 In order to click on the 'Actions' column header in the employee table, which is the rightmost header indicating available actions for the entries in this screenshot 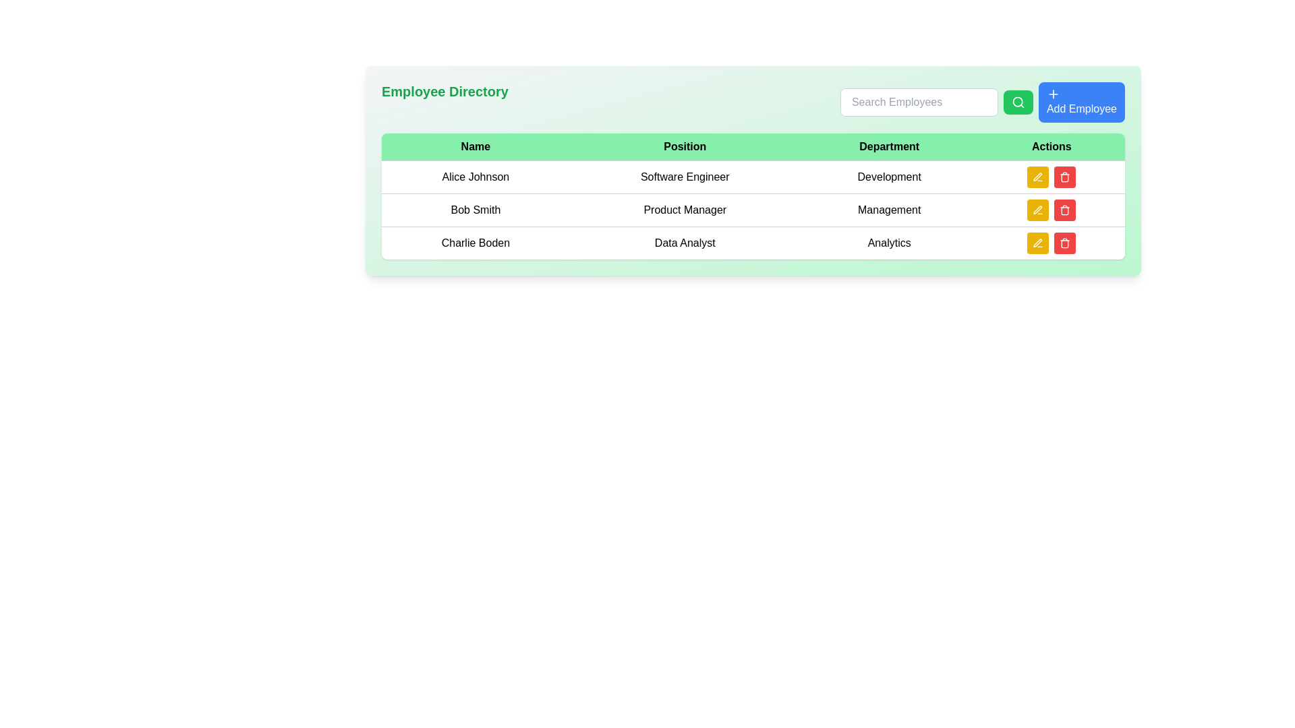, I will do `click(1051, 147)`.